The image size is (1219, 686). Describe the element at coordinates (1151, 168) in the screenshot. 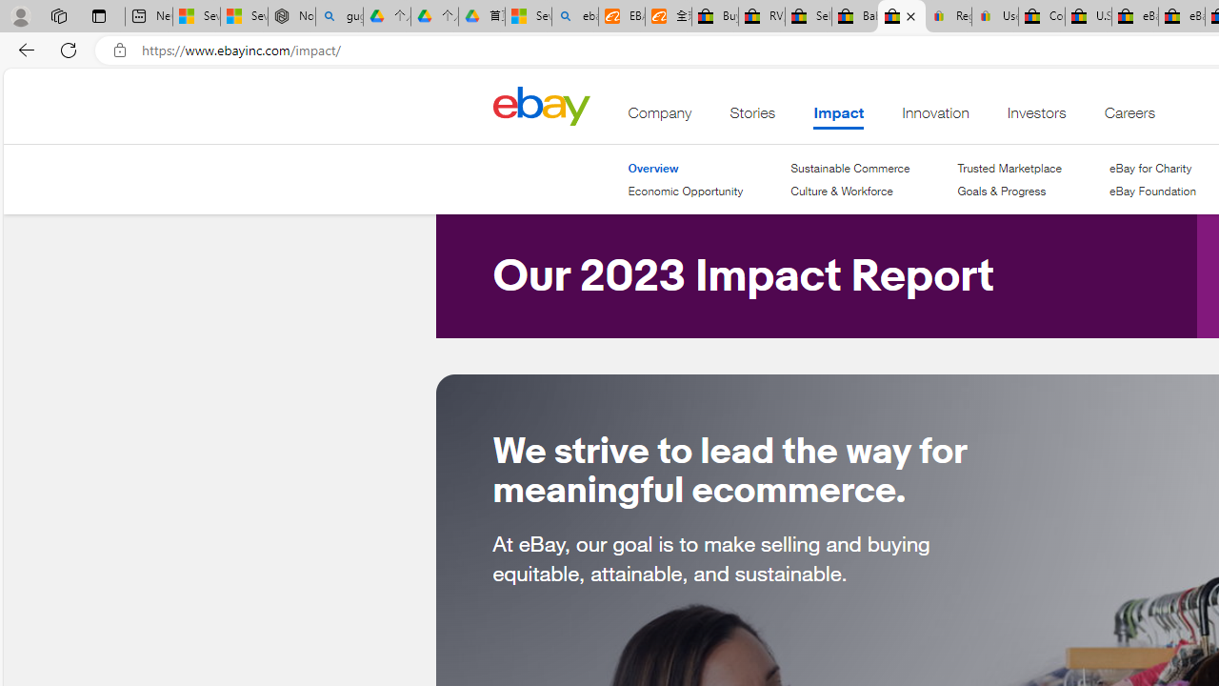

I see `'eBay for Charity'` at that location.